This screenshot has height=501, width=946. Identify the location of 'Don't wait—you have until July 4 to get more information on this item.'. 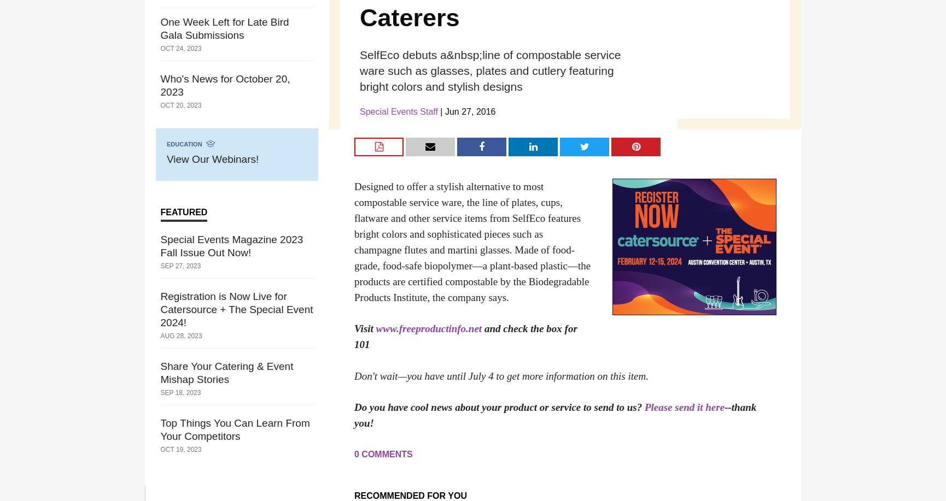
(501, 375).